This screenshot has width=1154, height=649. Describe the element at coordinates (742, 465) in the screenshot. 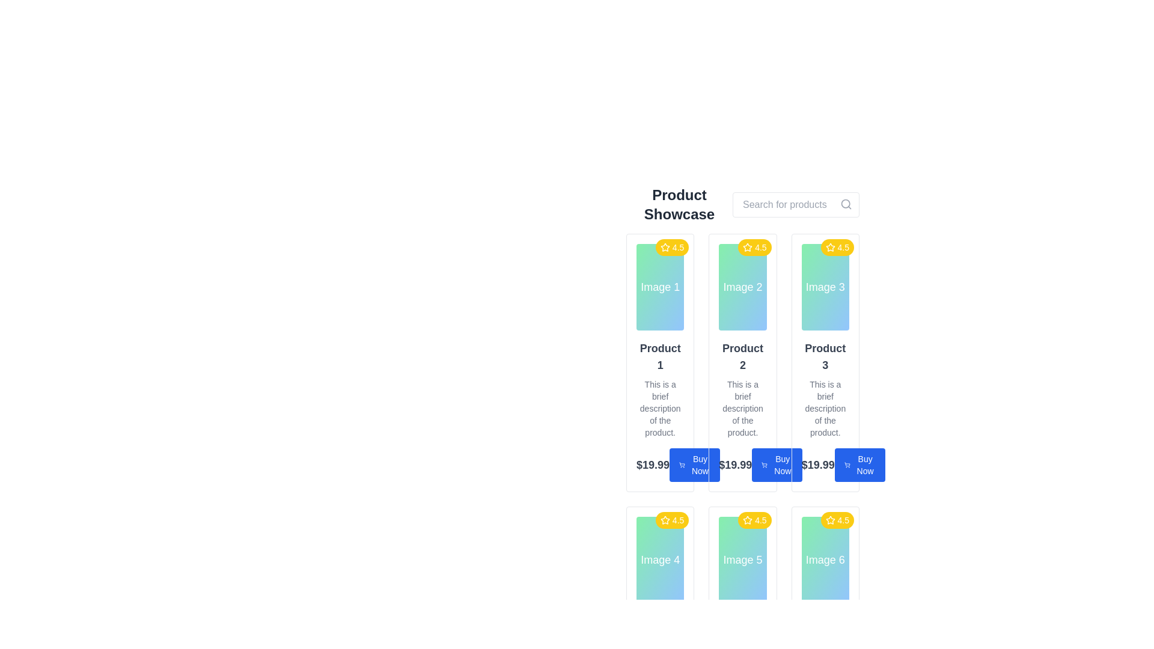

I see `the 'Buy Now' button located in the lower section of the second product card, beneath the product description text 'This is a brief description of the product.'` at that location.